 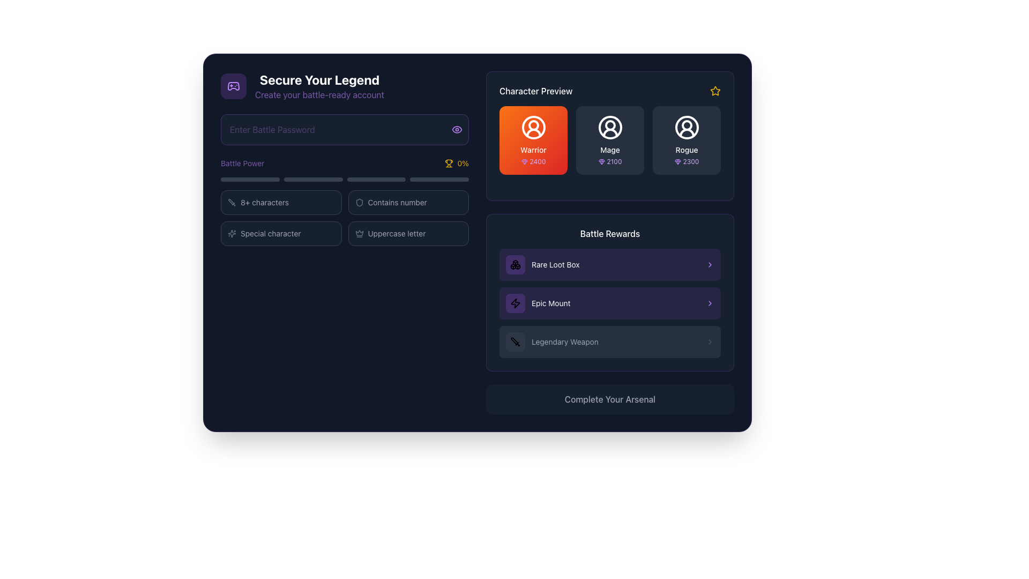 I want to click on the gray outline sword icon located to the left of the text '8+ characters', which serves as a visual indicator in the horizontally aligned group of items, so click(x=231, y=203).